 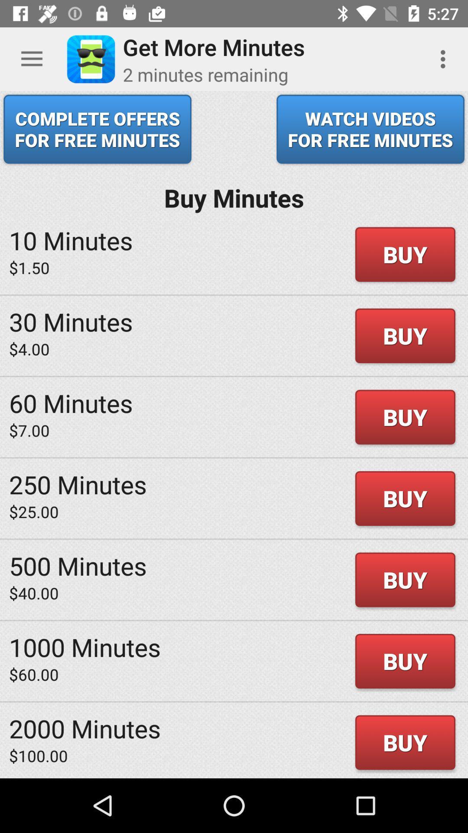 I want to click on the icon to the left of the buy item, so click(x=78, y=484).